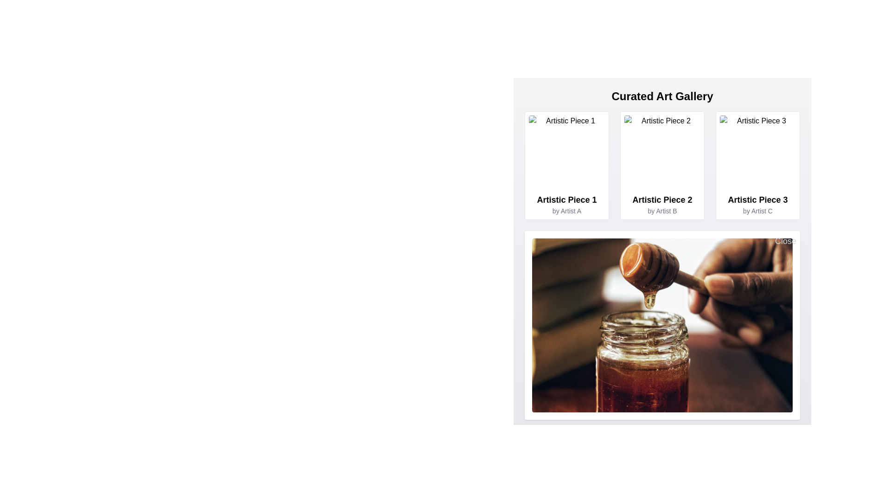  What do you see at coordinates (758, 199) in the screenshot?
I see `the title text 'Artistic Piece 3' displayed in bold, large font within the third card of the 'Curated Art Gallery' section` at bounding box center [758, 199].